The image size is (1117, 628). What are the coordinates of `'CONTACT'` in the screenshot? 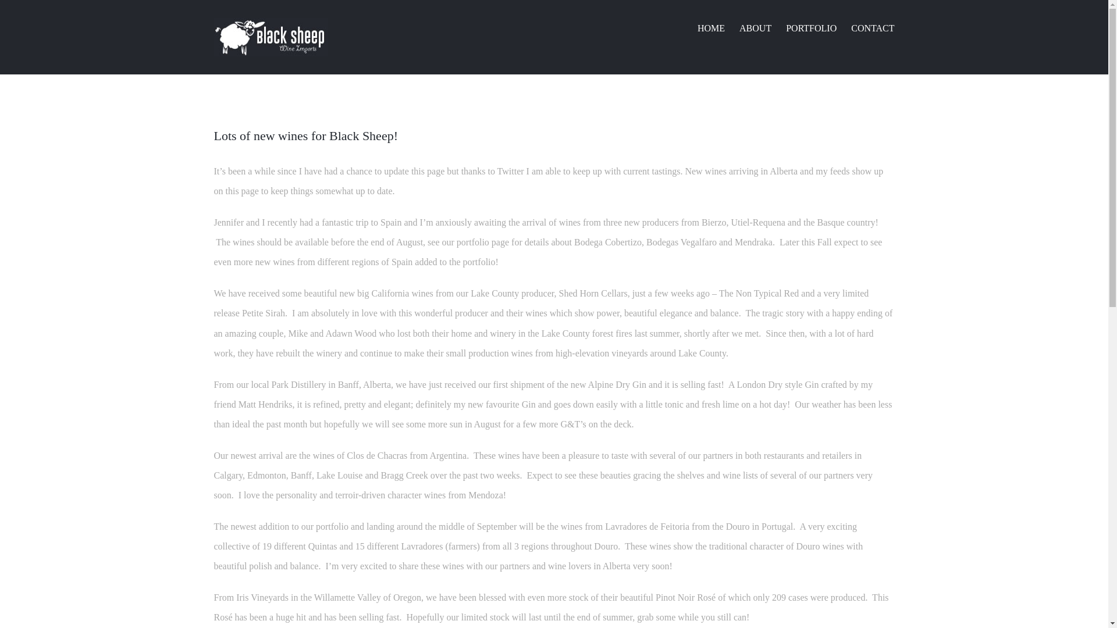 It's located at (872, 27).